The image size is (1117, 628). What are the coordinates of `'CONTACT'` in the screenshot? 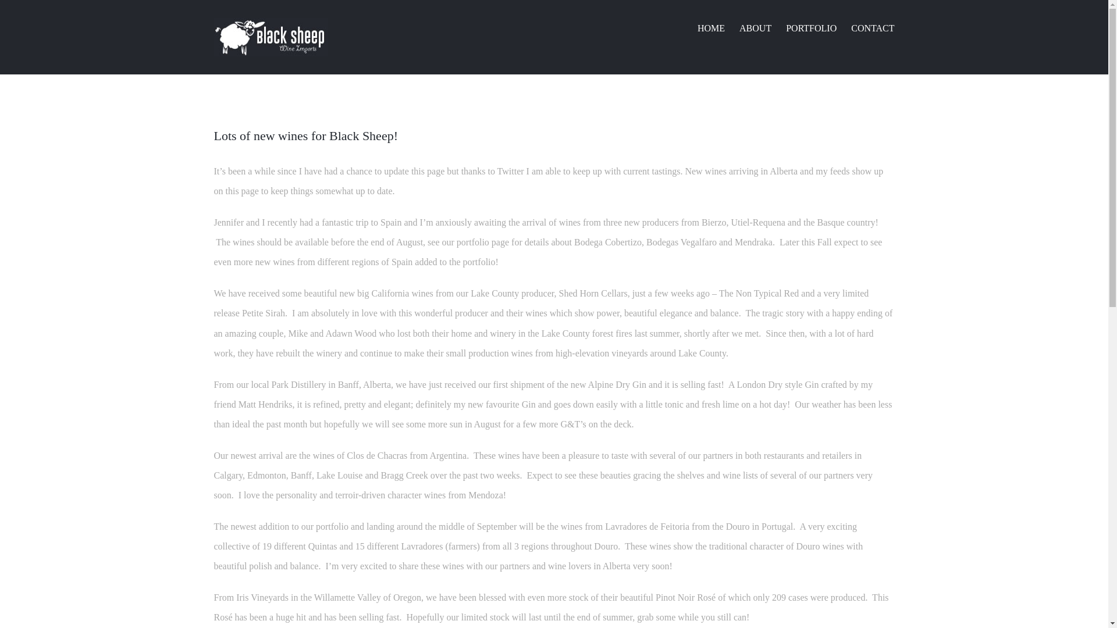 It's located at (872, 27).